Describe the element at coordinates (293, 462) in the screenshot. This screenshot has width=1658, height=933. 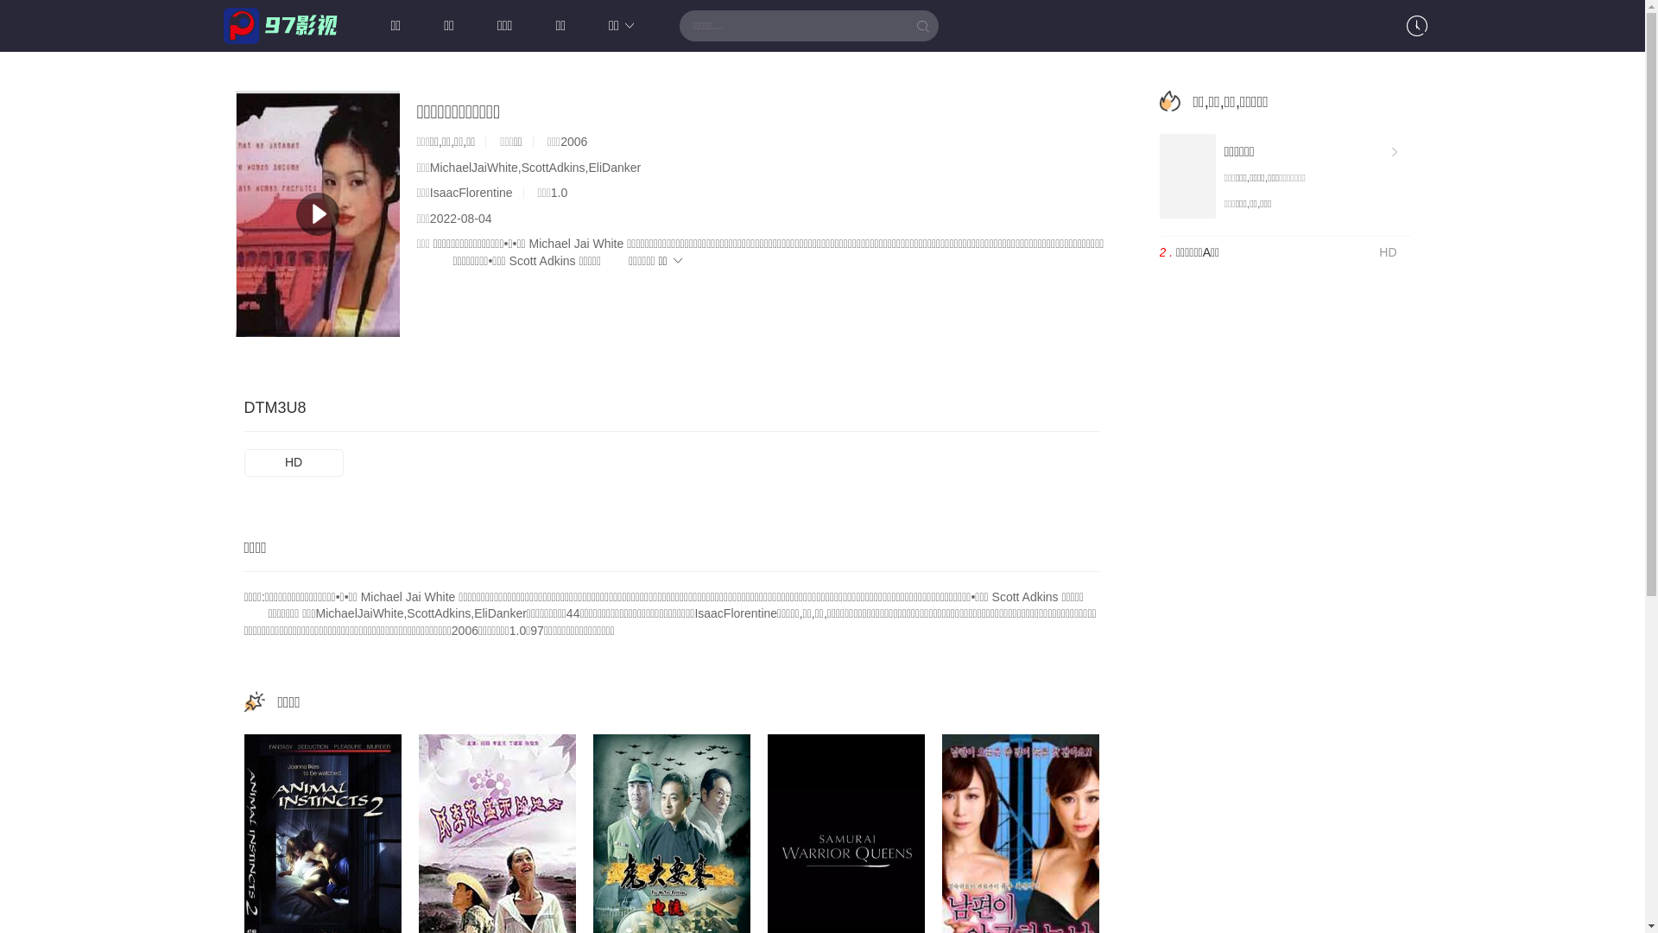
I see `'HD'` at that location.